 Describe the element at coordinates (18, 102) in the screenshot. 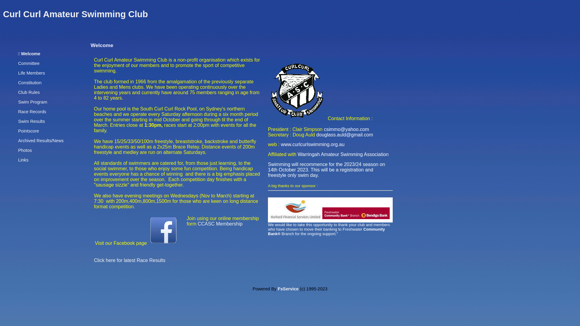

I see `'Swim Program'` at that location.